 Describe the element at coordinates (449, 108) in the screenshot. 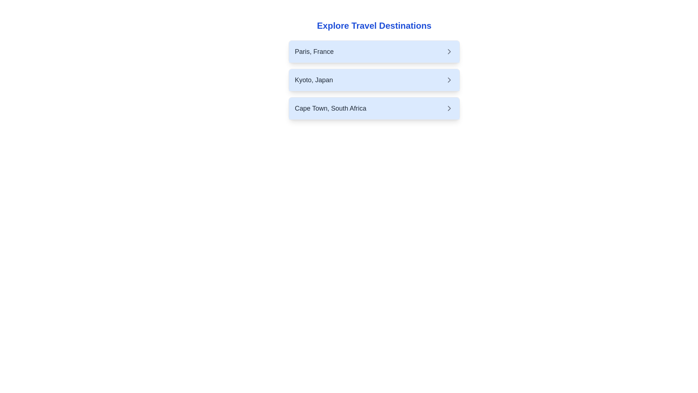

I see `the chevron icon located on the right side of the 'Cape Town, South Africa' list item` at that location.